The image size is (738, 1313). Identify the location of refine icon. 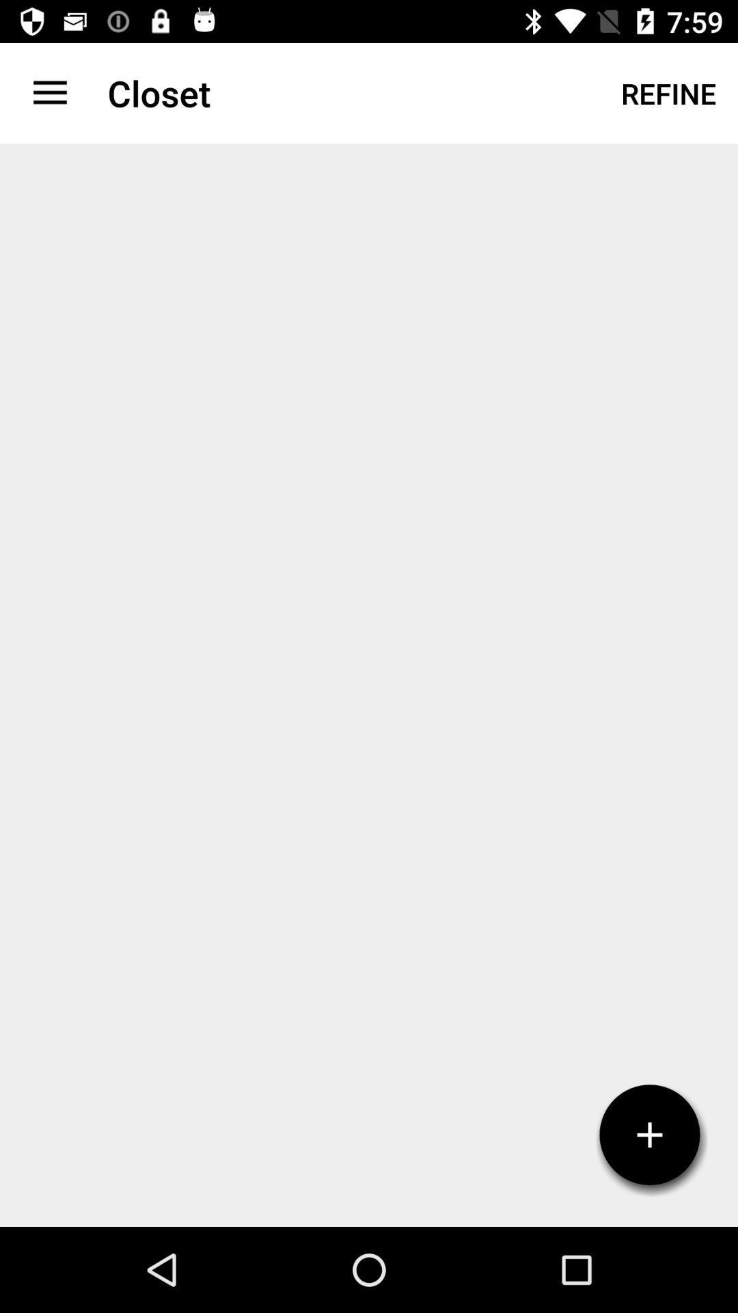
(668, 92).